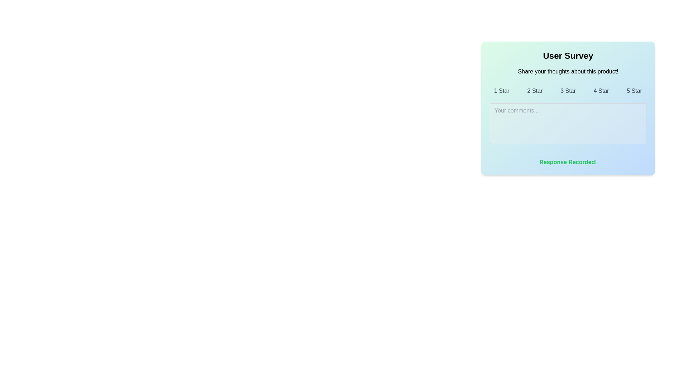  I want to click on the '2 Star' button, which is a rounded rectangle button with light gray color and darker gray text, located near the top center of the 'User Survey' dialog box, so click(535, 91).